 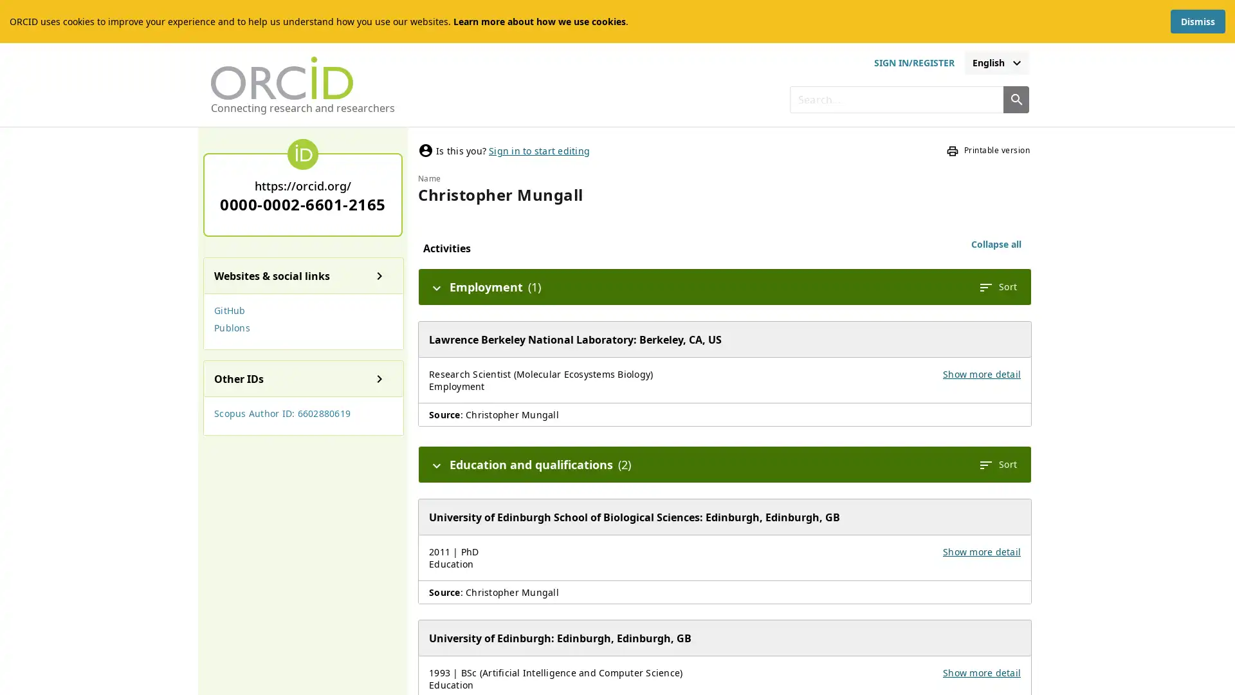 What do you see at coordinates (1015, 98) in the screenshot?
I see `Search` at bounding box center [1015, 98].